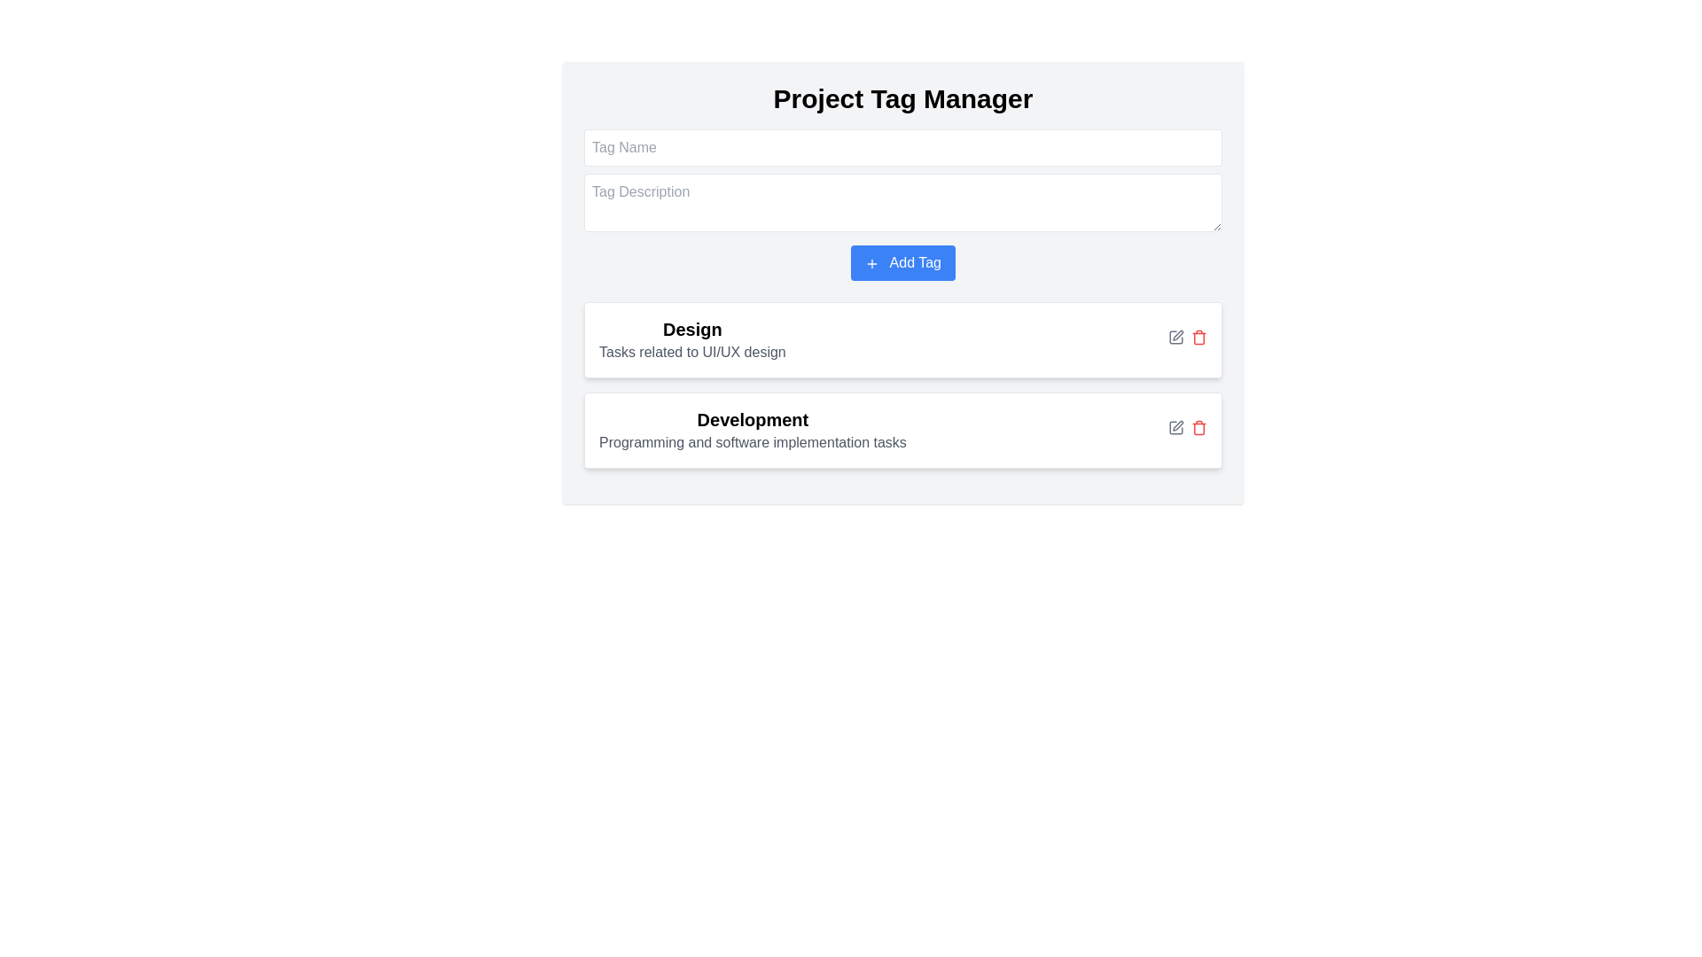 The width and height of the screenshot is (1702, 957). What do you see at coordinates (1187, 340) in the screenshot?
I see `the edit icon (pencil symbol) located at the top-right corner of the 'Design' section` at bounding box center [1187, 340].